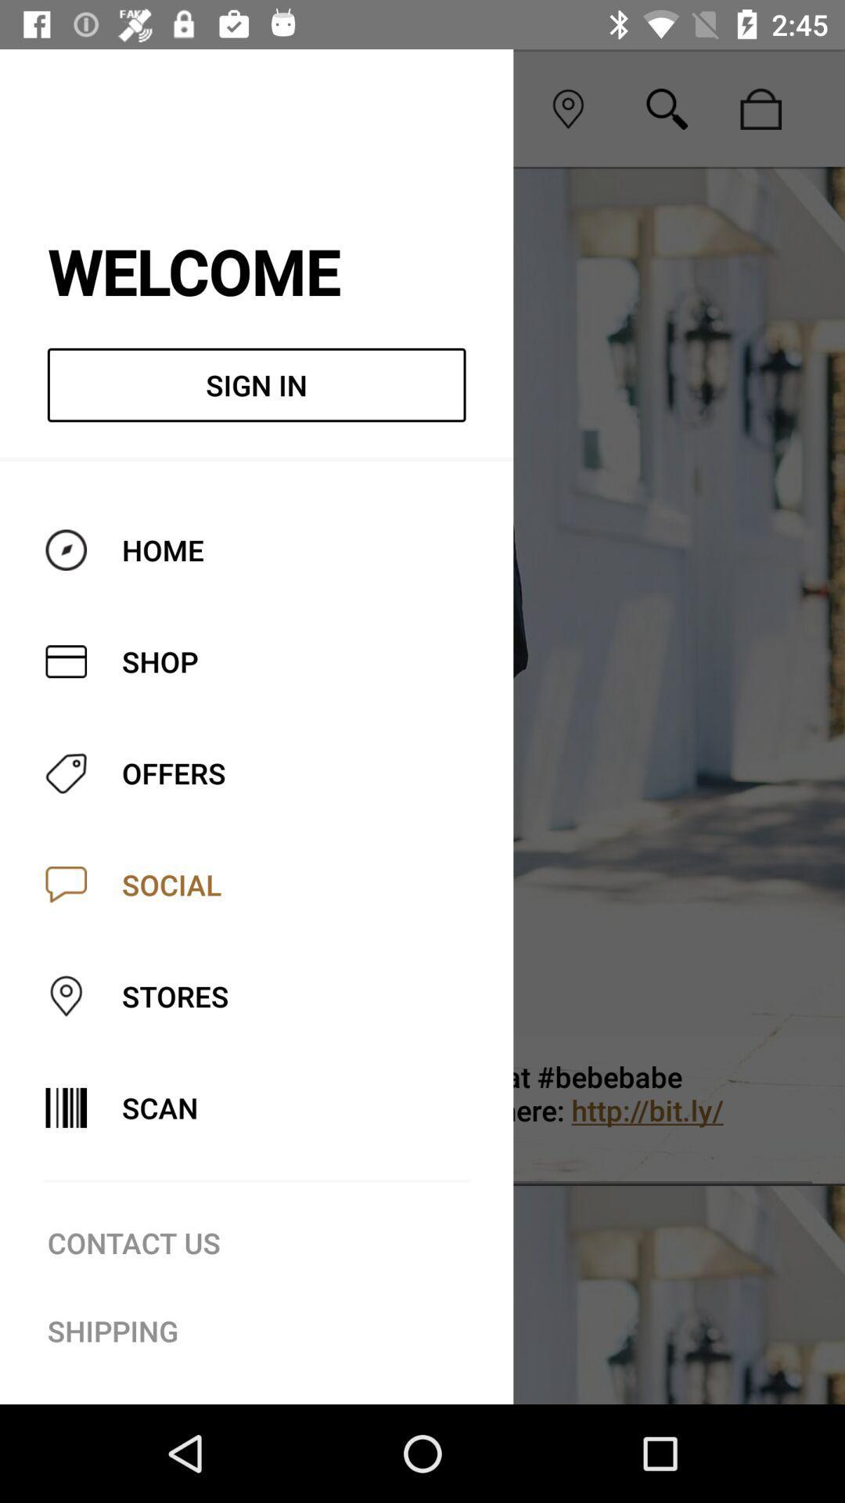 This screenshot has height=1503, width=845. What do you see at coordinates (256, 385) in the screenshot?
I see `icon below the welcome icon` at bounding box center [256, 385].